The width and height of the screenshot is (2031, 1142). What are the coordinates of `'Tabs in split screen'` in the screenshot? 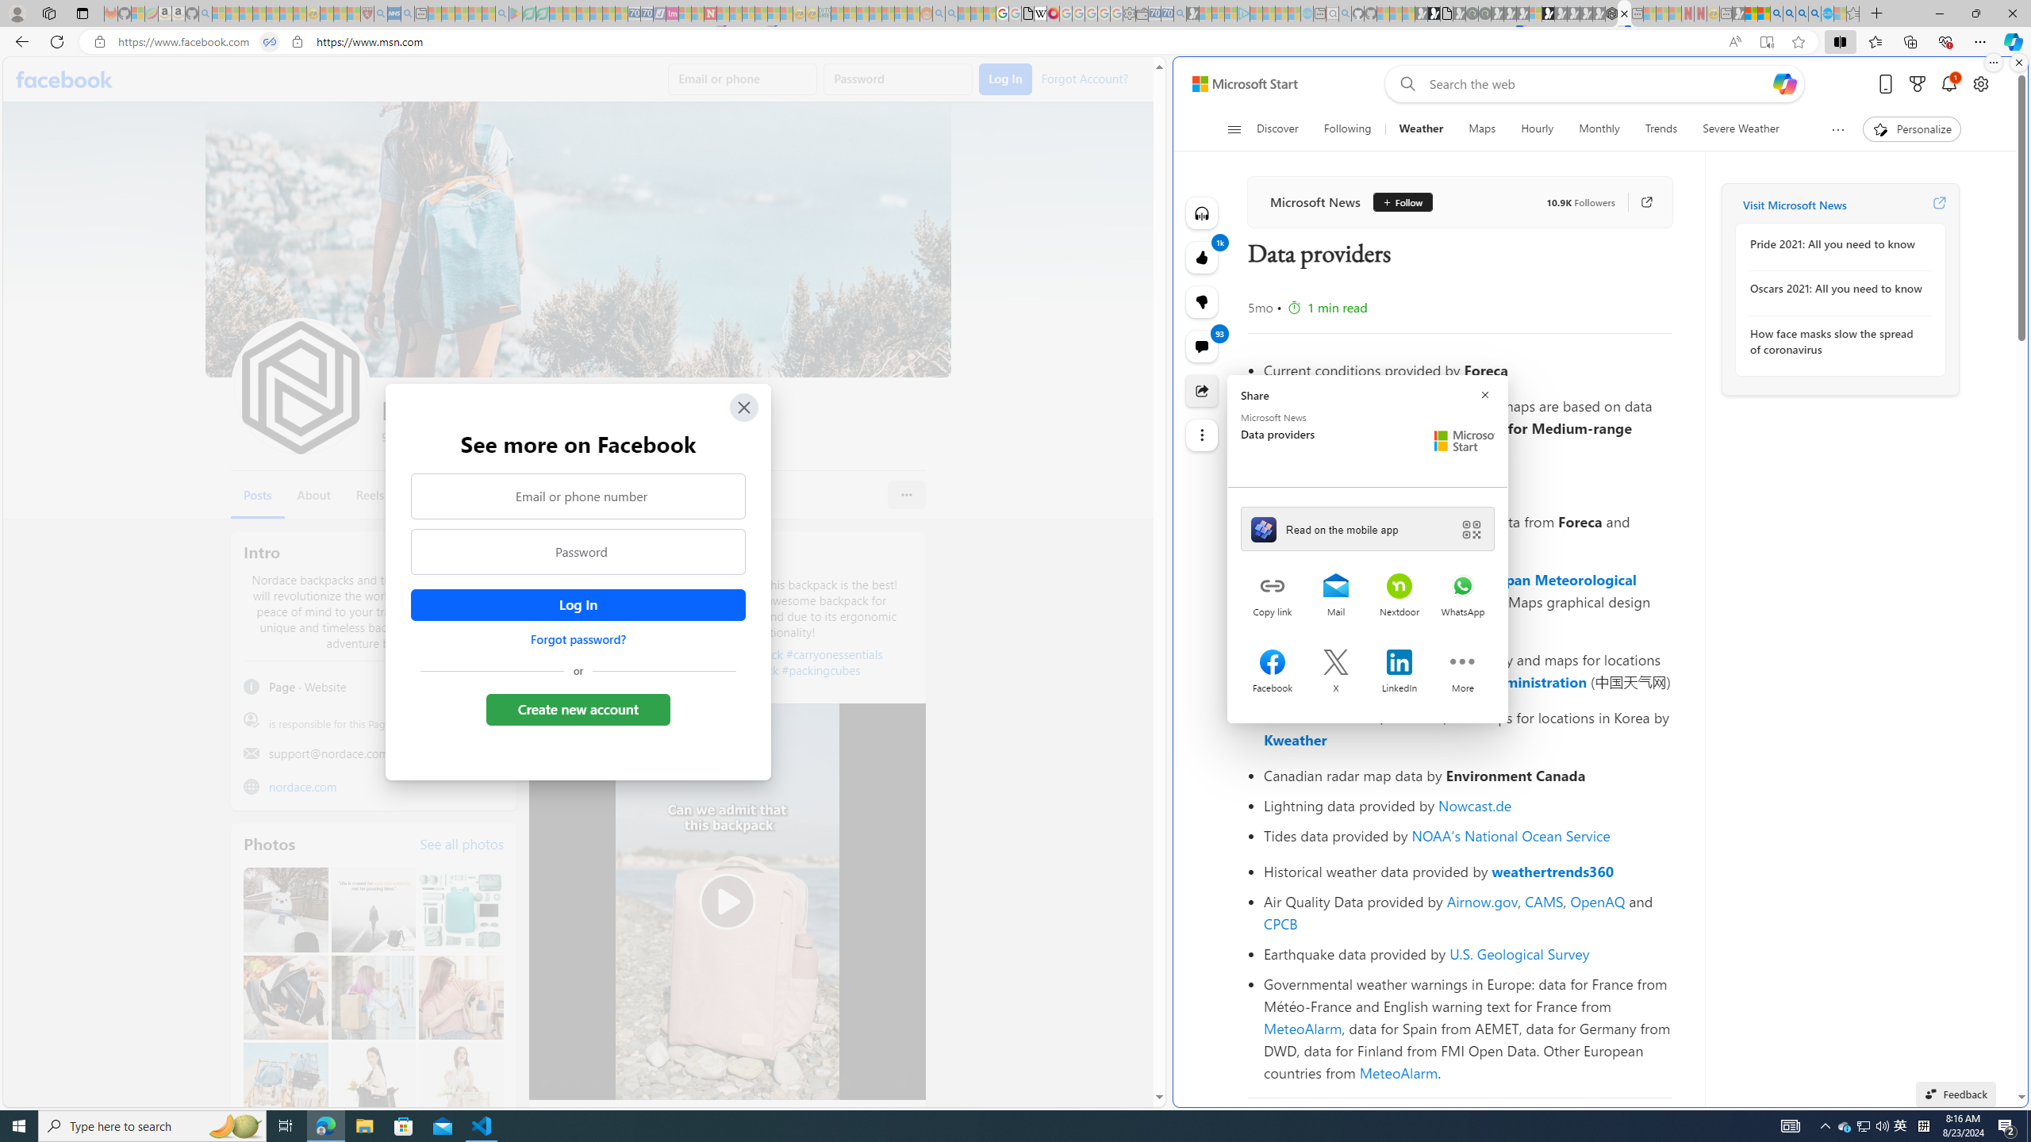 It's located at (269, 42).